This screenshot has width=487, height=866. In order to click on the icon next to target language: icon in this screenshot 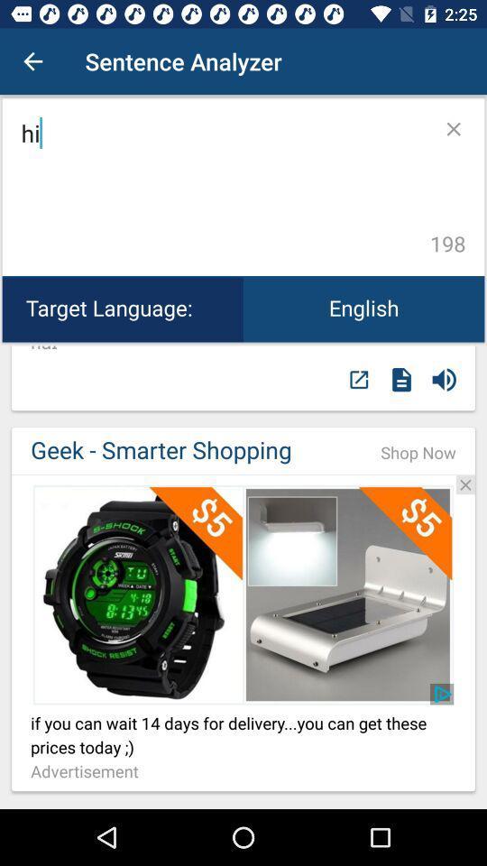, I will do `click(363, 309)`.